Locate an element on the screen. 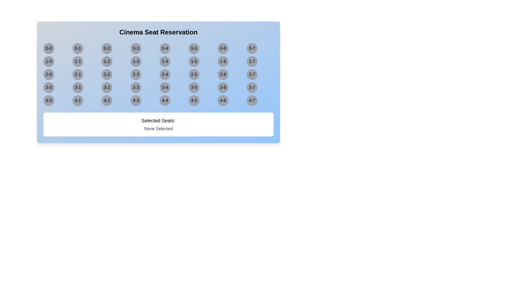 This screenshot has height=293, width=521. the button labeled '2-0' which is the first button in the third row of a grid layout, located to the left of '2-1' and below '1-0' is located at coordinates (49, 74).